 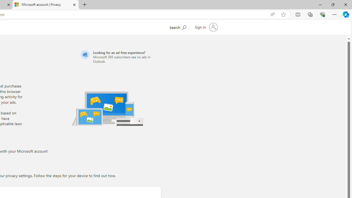 I want to click on 'Microsoft account | Privacy', so click(x=46, y=5).